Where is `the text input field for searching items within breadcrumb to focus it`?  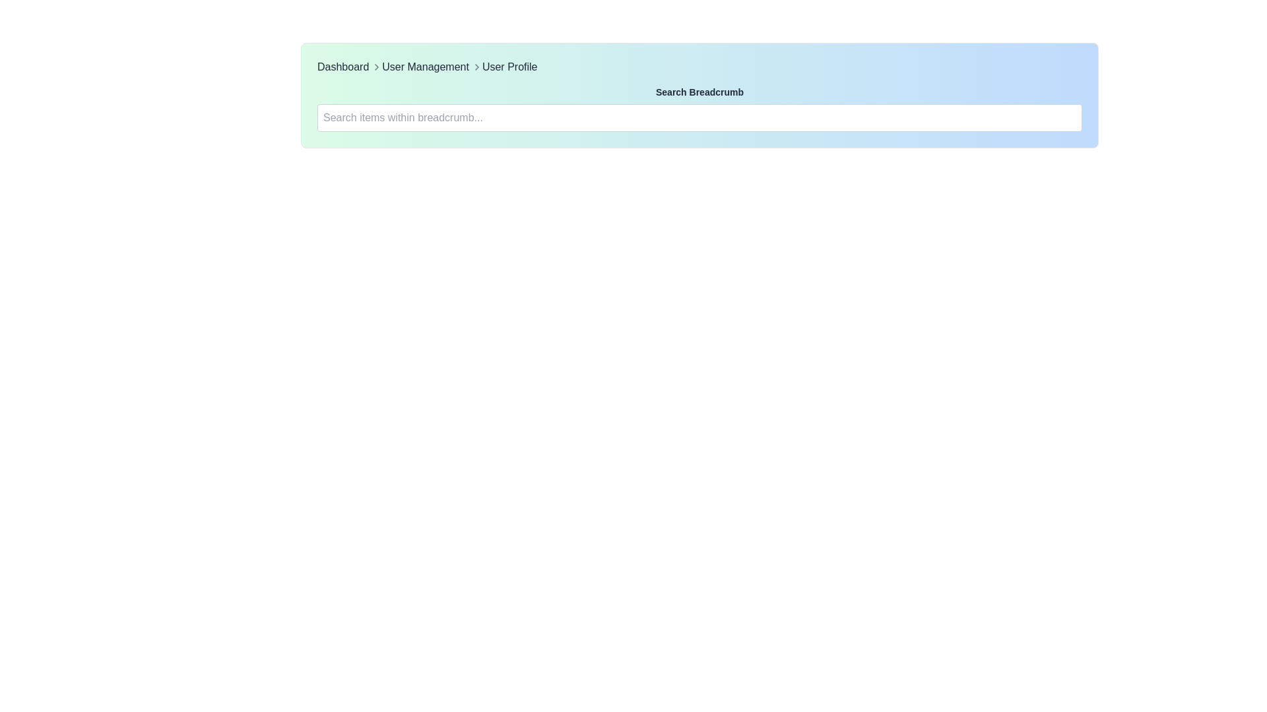 the text input field for searching items within breadcrumb to focus it is located at coordinates (699, 108).